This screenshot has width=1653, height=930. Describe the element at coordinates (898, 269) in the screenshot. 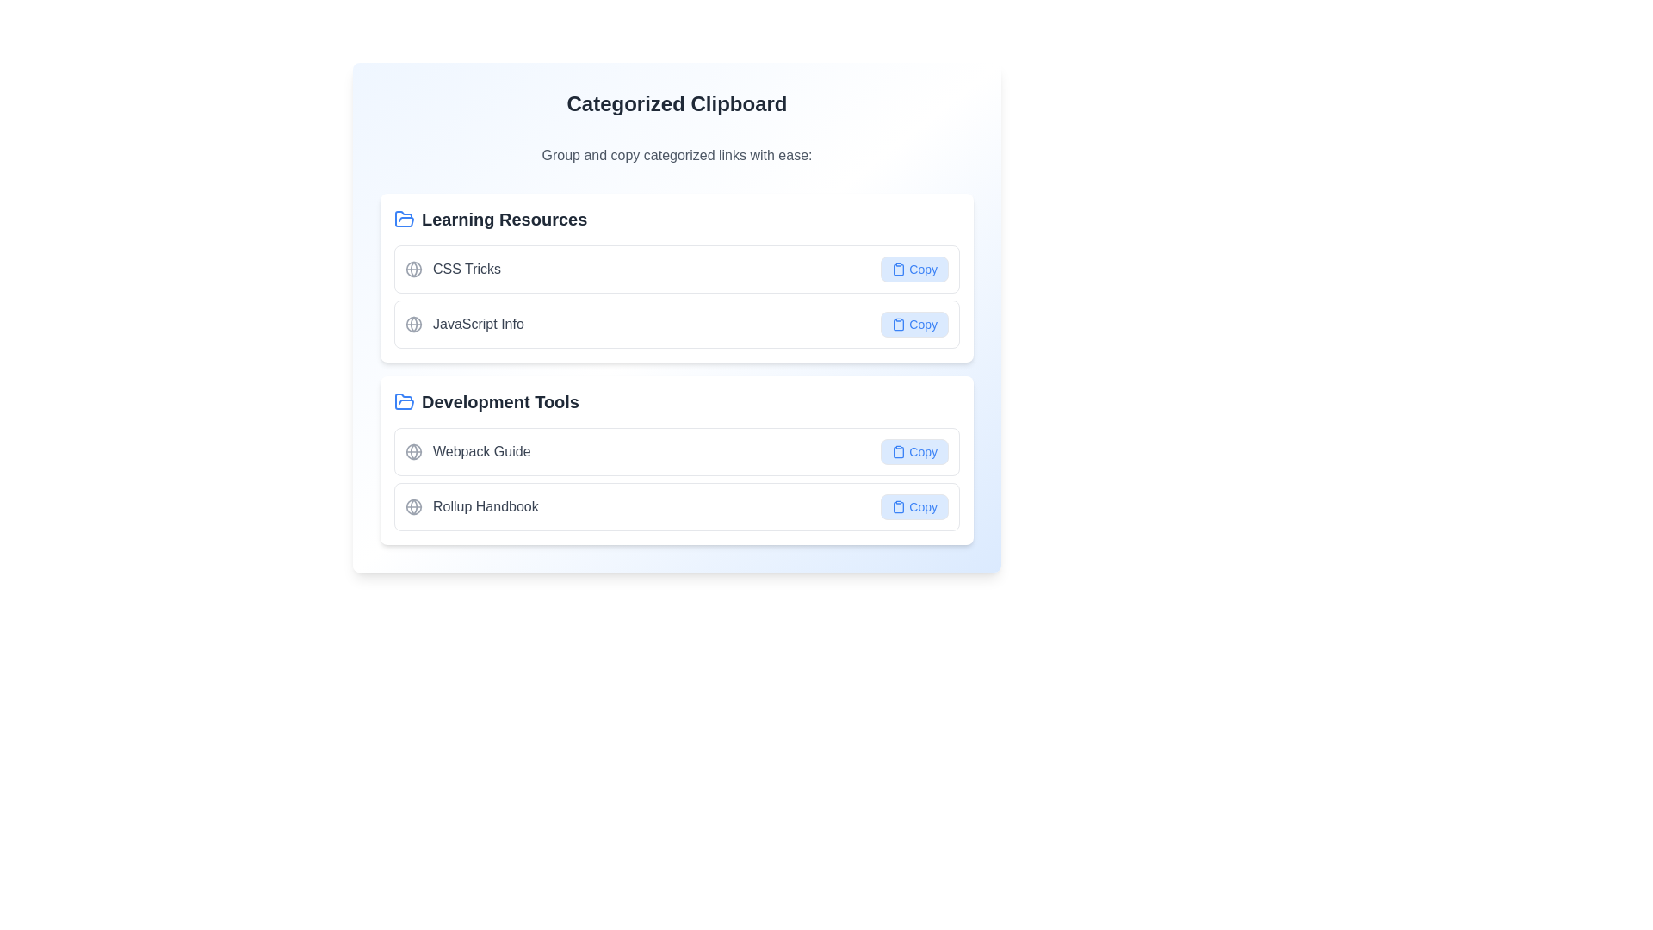

I see `the 'Copy' button icon located to the right of the first list item under 'Learning Resources' to copy the associated resource link to the clipboard` at that location.